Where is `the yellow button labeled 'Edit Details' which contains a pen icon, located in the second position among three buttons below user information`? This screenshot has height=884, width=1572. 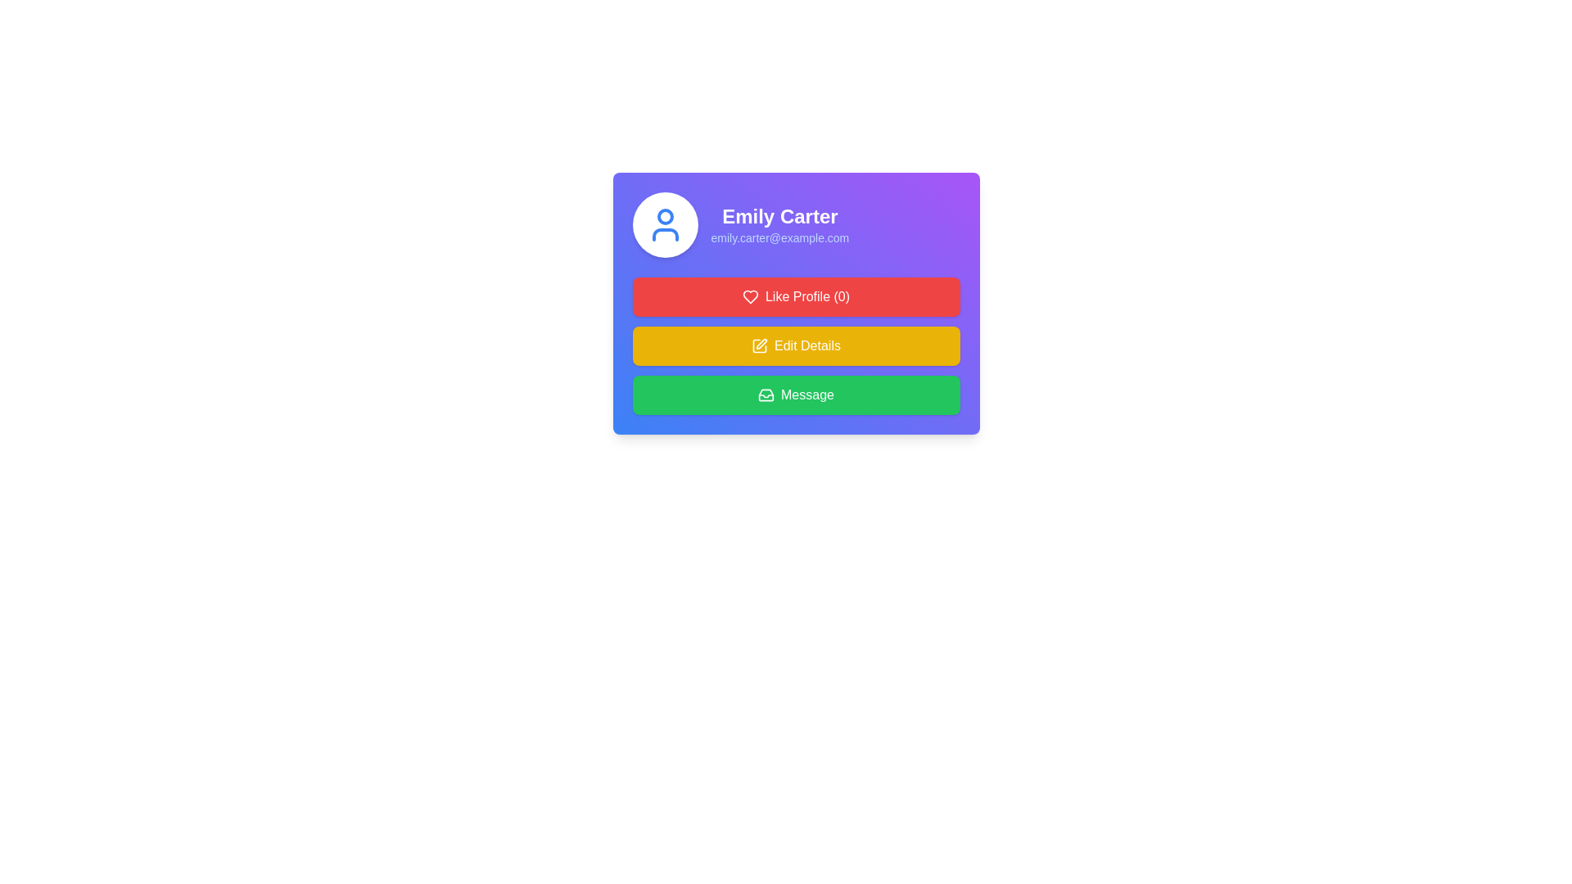
the yellow button labeled 'Edit Details' which contains a pen icon, located in the second position among three buttons below user information is located at coordinates (758, 345).